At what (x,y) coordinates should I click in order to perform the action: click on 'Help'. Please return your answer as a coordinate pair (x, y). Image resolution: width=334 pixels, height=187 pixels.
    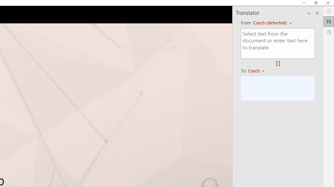
    Looking at the image, I should click on (329, 11).